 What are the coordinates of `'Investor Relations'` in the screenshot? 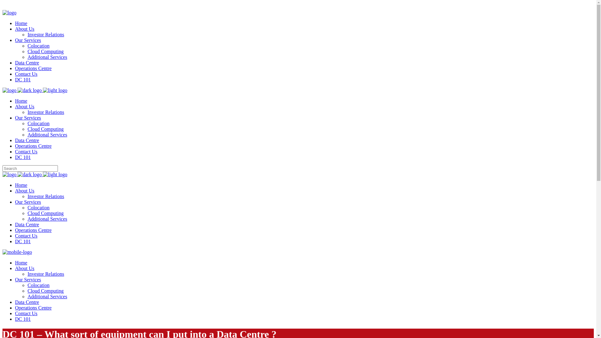 It's located at (45, 34).